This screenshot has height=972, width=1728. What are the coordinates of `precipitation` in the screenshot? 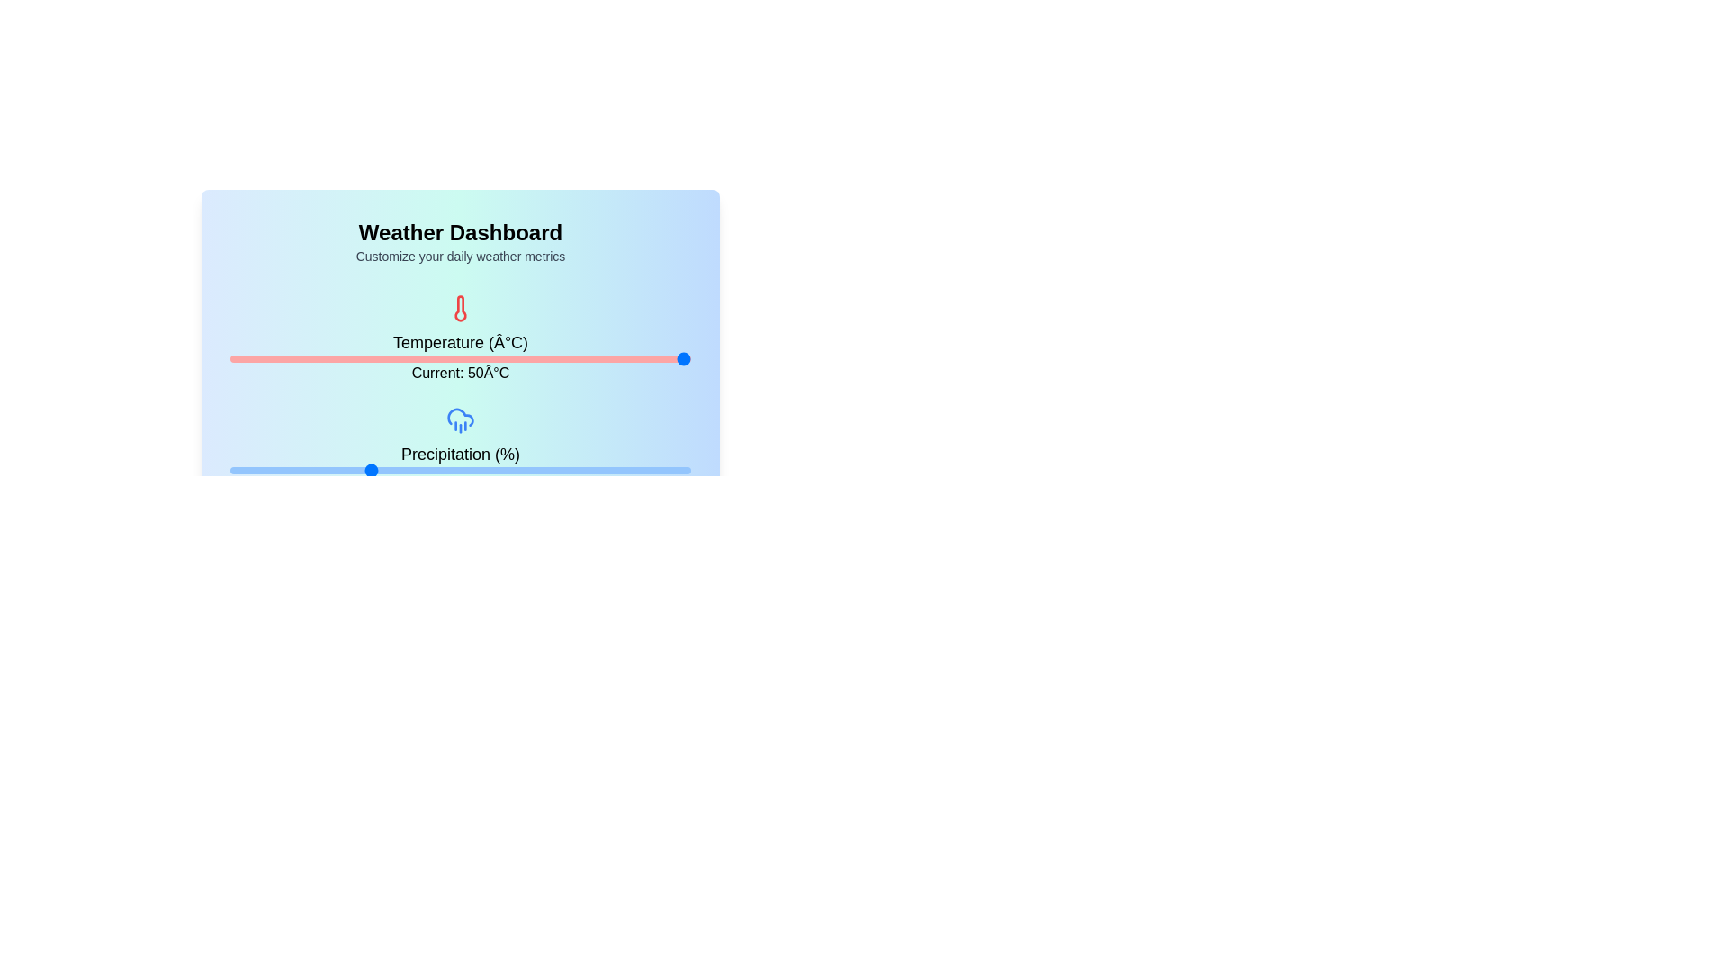 It's located at (238, 470).